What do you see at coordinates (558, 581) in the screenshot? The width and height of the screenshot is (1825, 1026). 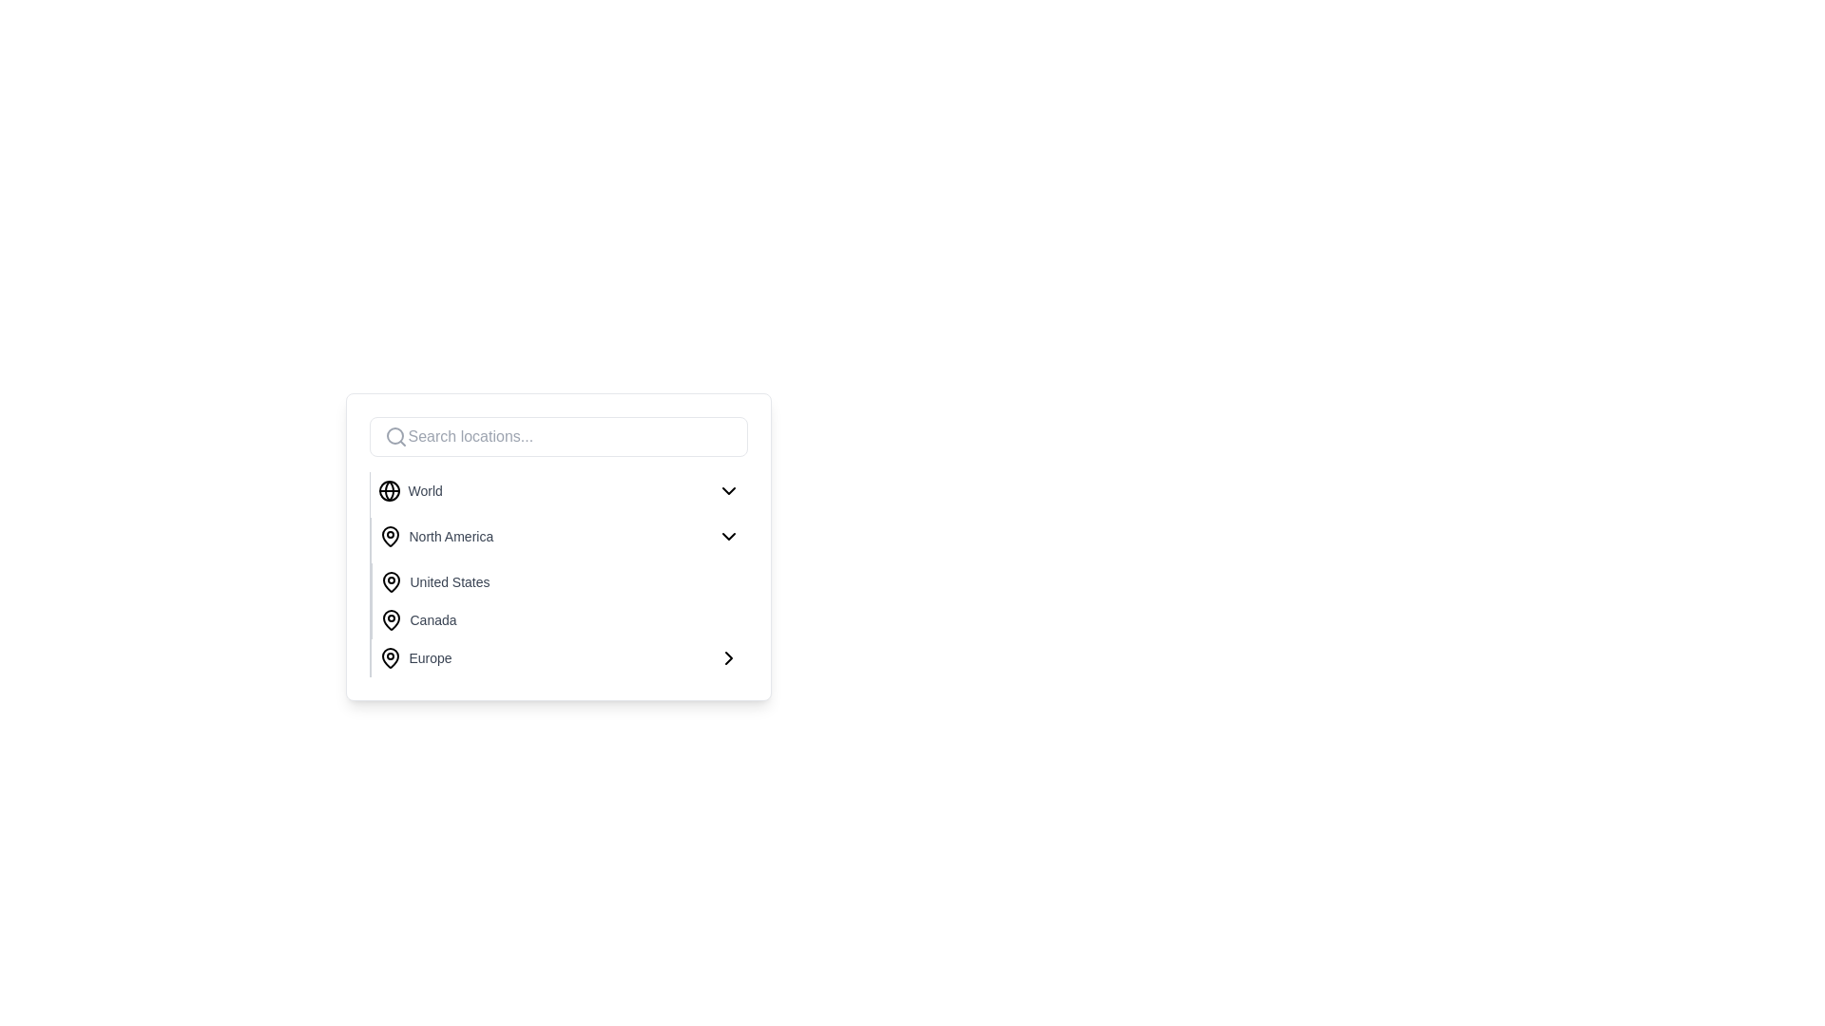 I see `the selectable option for 'United States' in the dropdown list` at bounding box center [558, 581].